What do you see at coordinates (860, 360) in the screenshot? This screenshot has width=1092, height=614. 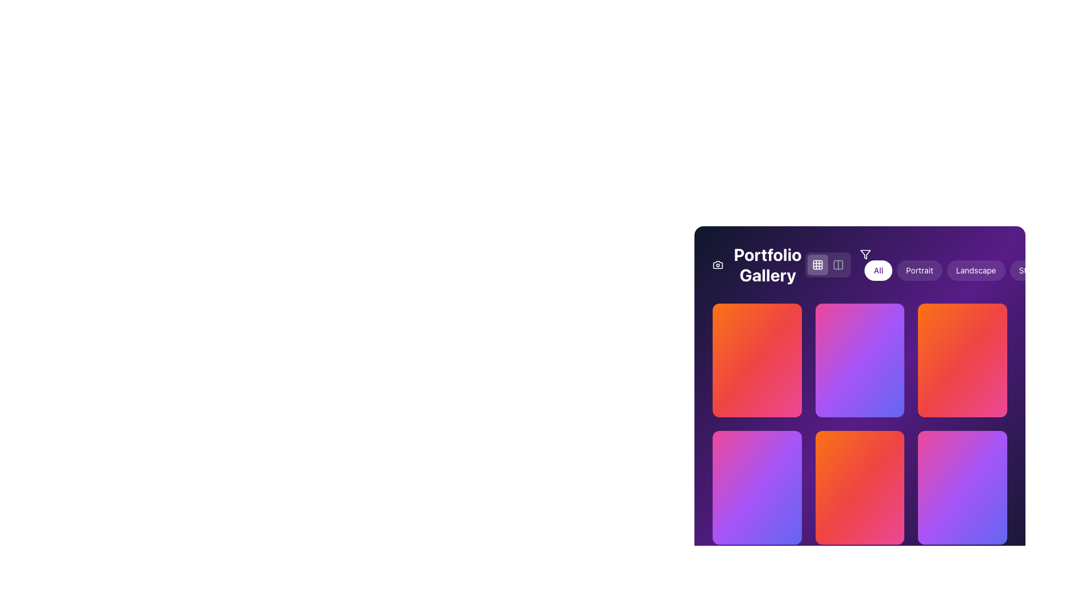 I see `the Grid Tile representing 'Artwork 27921122'` at bounding box center [860, 360].